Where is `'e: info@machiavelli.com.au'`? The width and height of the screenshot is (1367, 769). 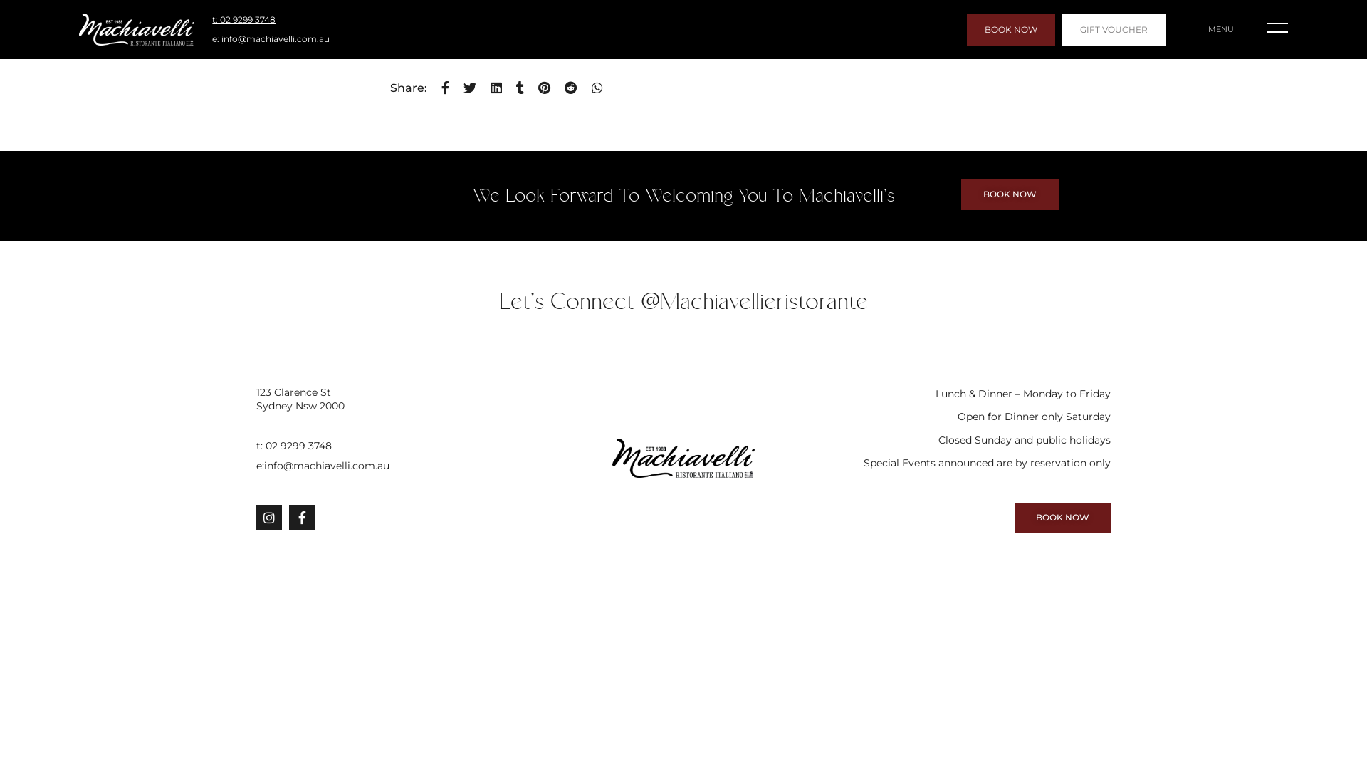
'e: info@machiavelli.com.au' is located at coordinates (271, 38).